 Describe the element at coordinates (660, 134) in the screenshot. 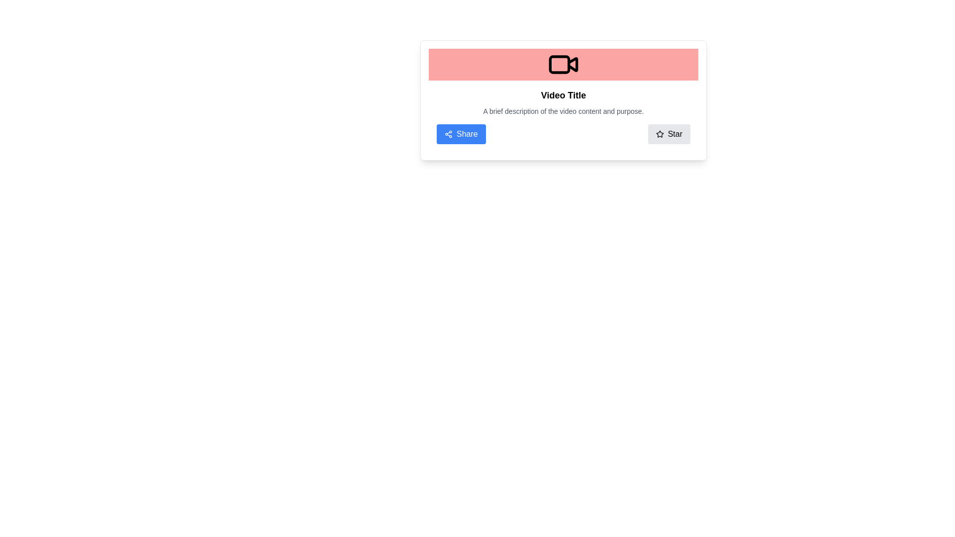

I see `the star icon located at the bottom-right of the informational card, which serves as a clickable indicator for favoriting or selecting content` at that location.